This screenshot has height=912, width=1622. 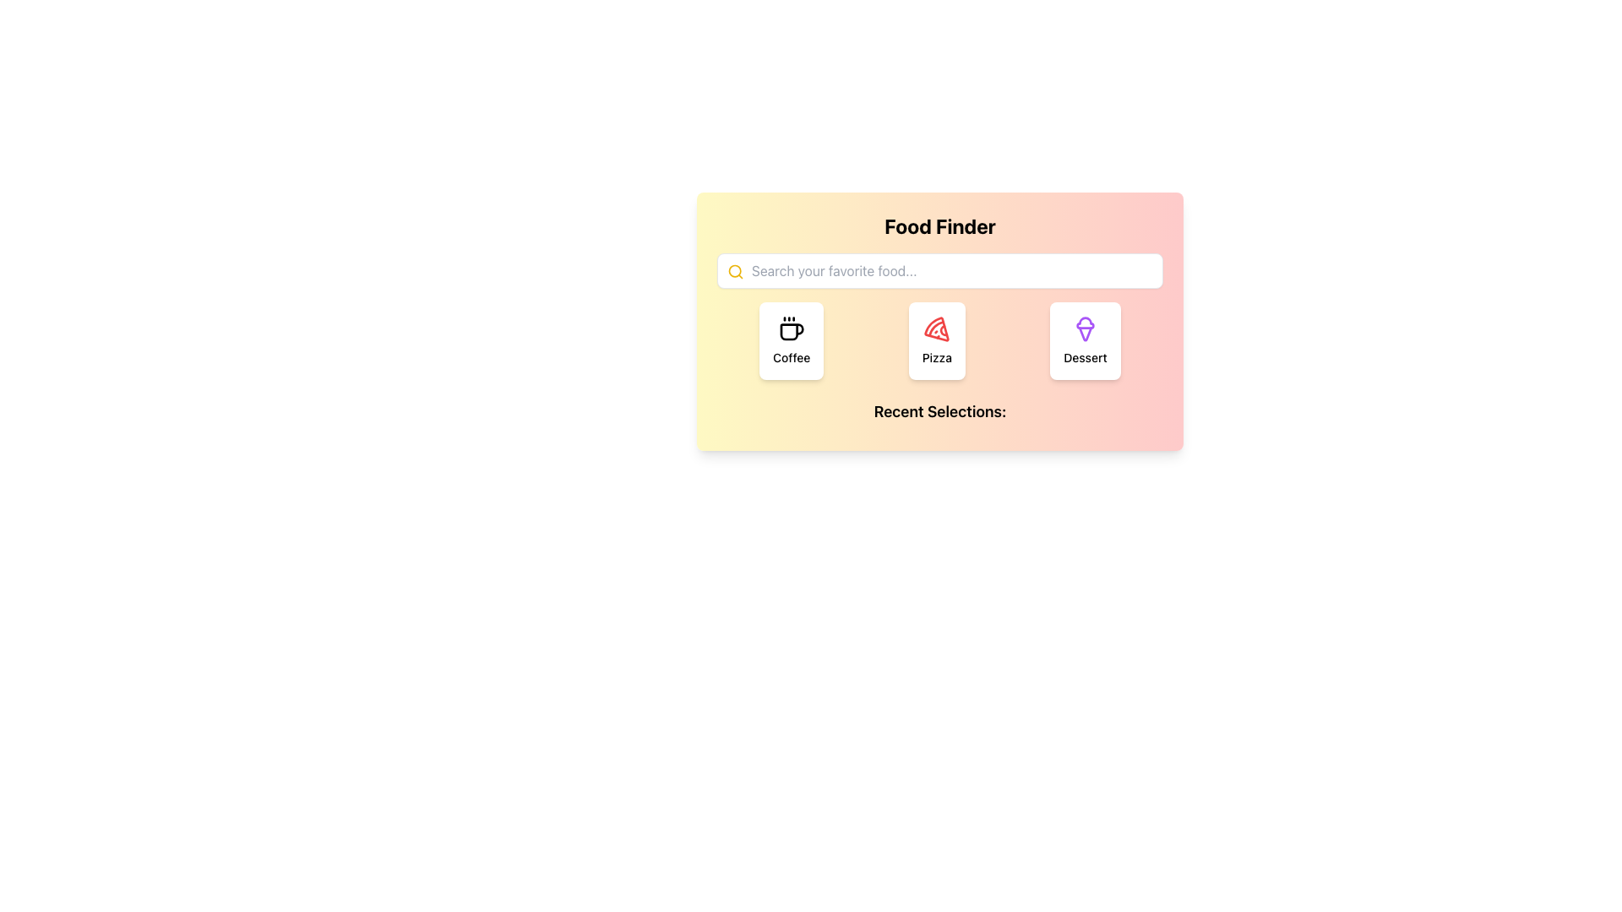 What do you see at coordinates (1086, 334) in the screenshot?
I see `the purple cone-shaped element in the Dessert category icon, which is the third card in the row of food categories in the application's main panel` at bounding box center [1086, 334].